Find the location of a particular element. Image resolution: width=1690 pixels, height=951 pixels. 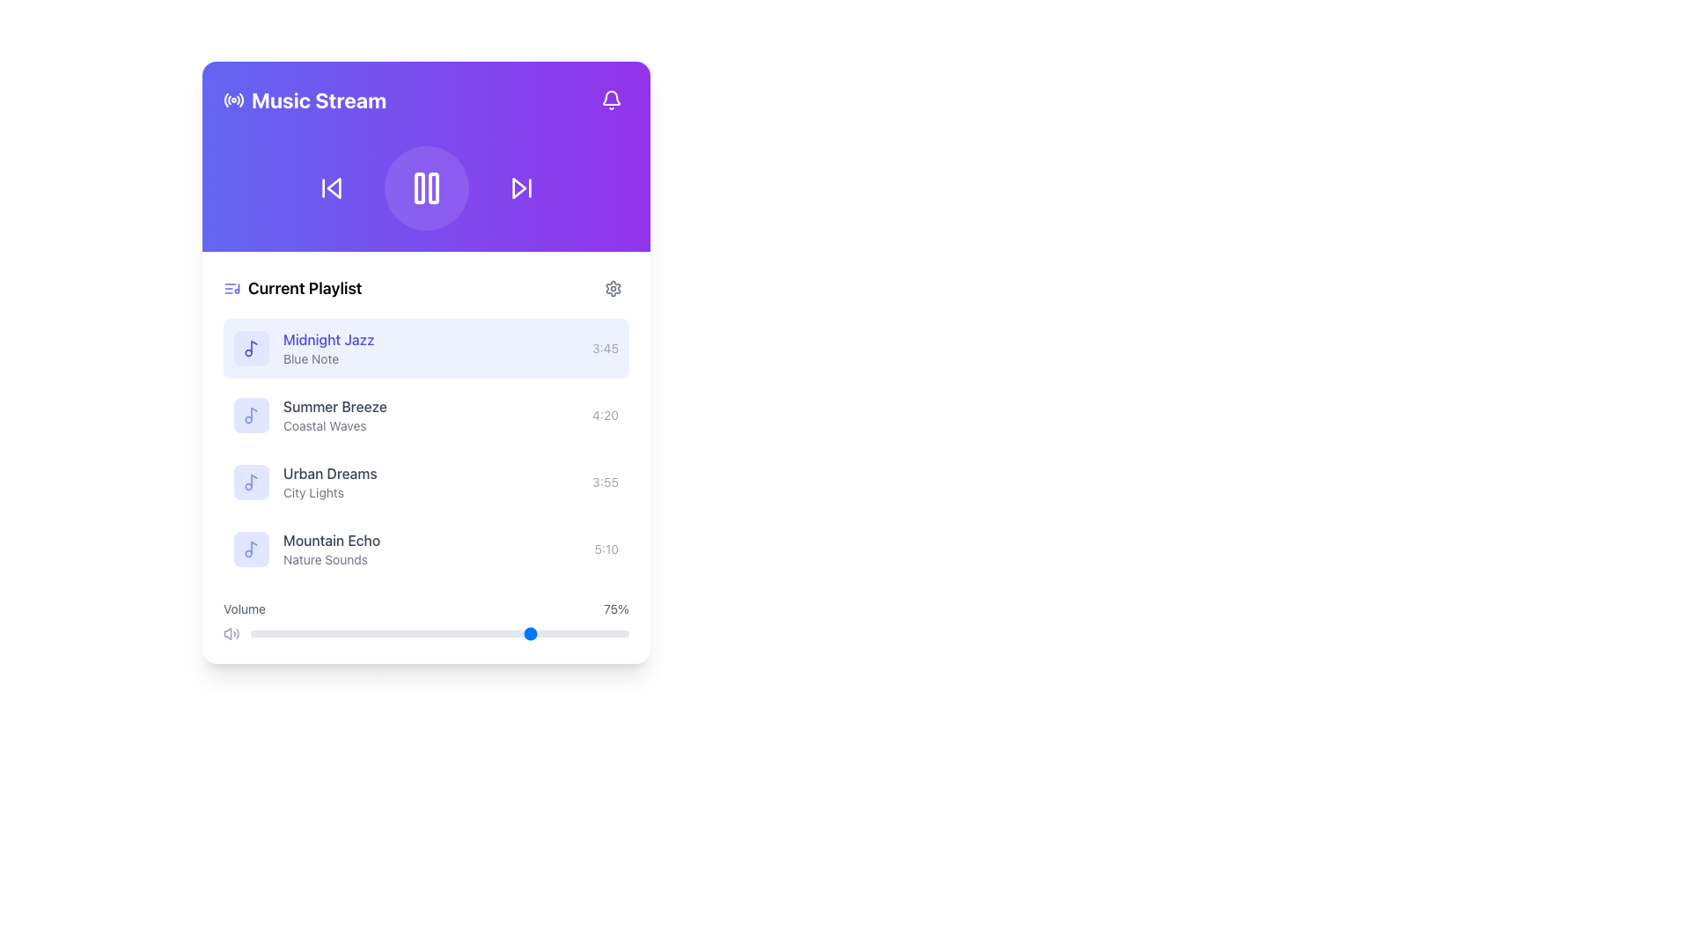

the 'Volume' slider control, which is visually represented with a blue knob at the 75% position and labeled accordingly, to receive additional visual feedback is located at coordinates (426, 620).